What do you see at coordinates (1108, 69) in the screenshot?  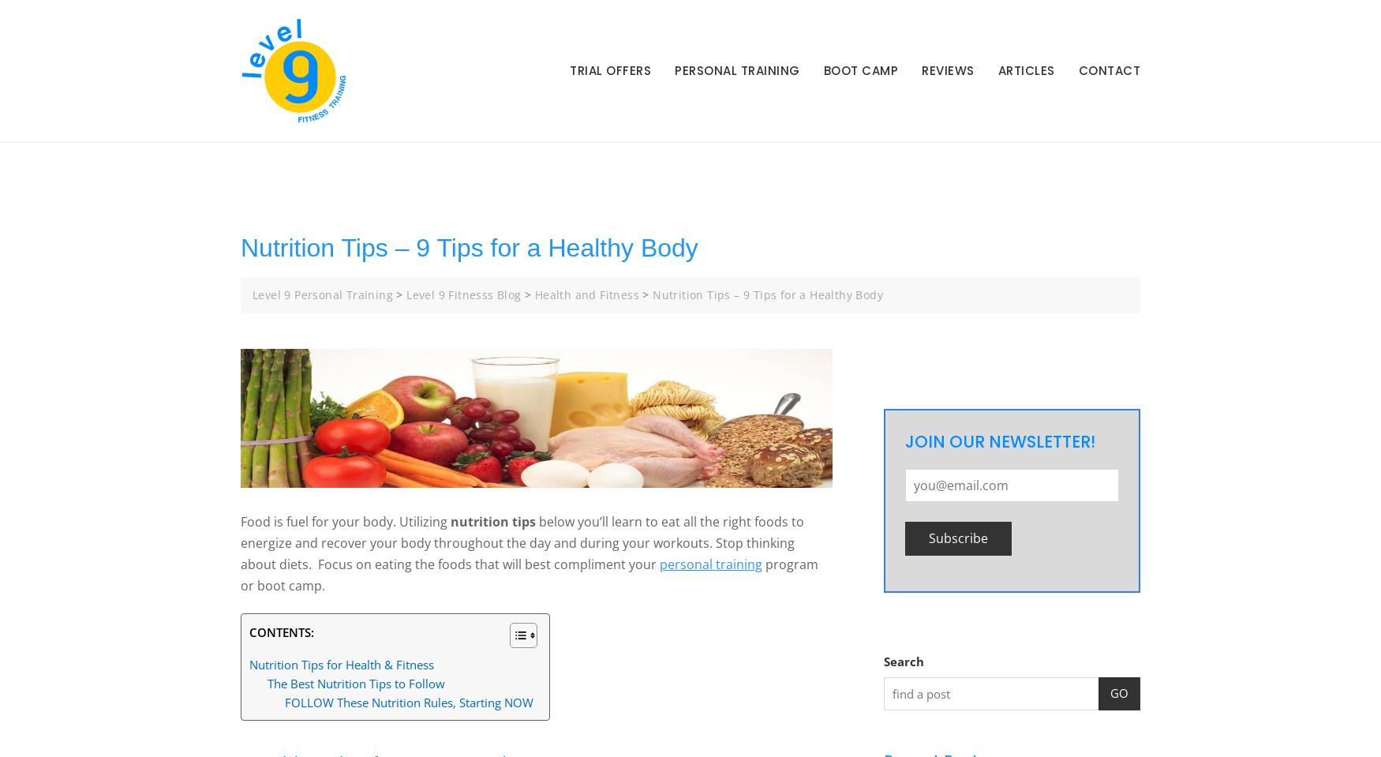 I see `'CONTACT'` at bounding box center [1108, 69].